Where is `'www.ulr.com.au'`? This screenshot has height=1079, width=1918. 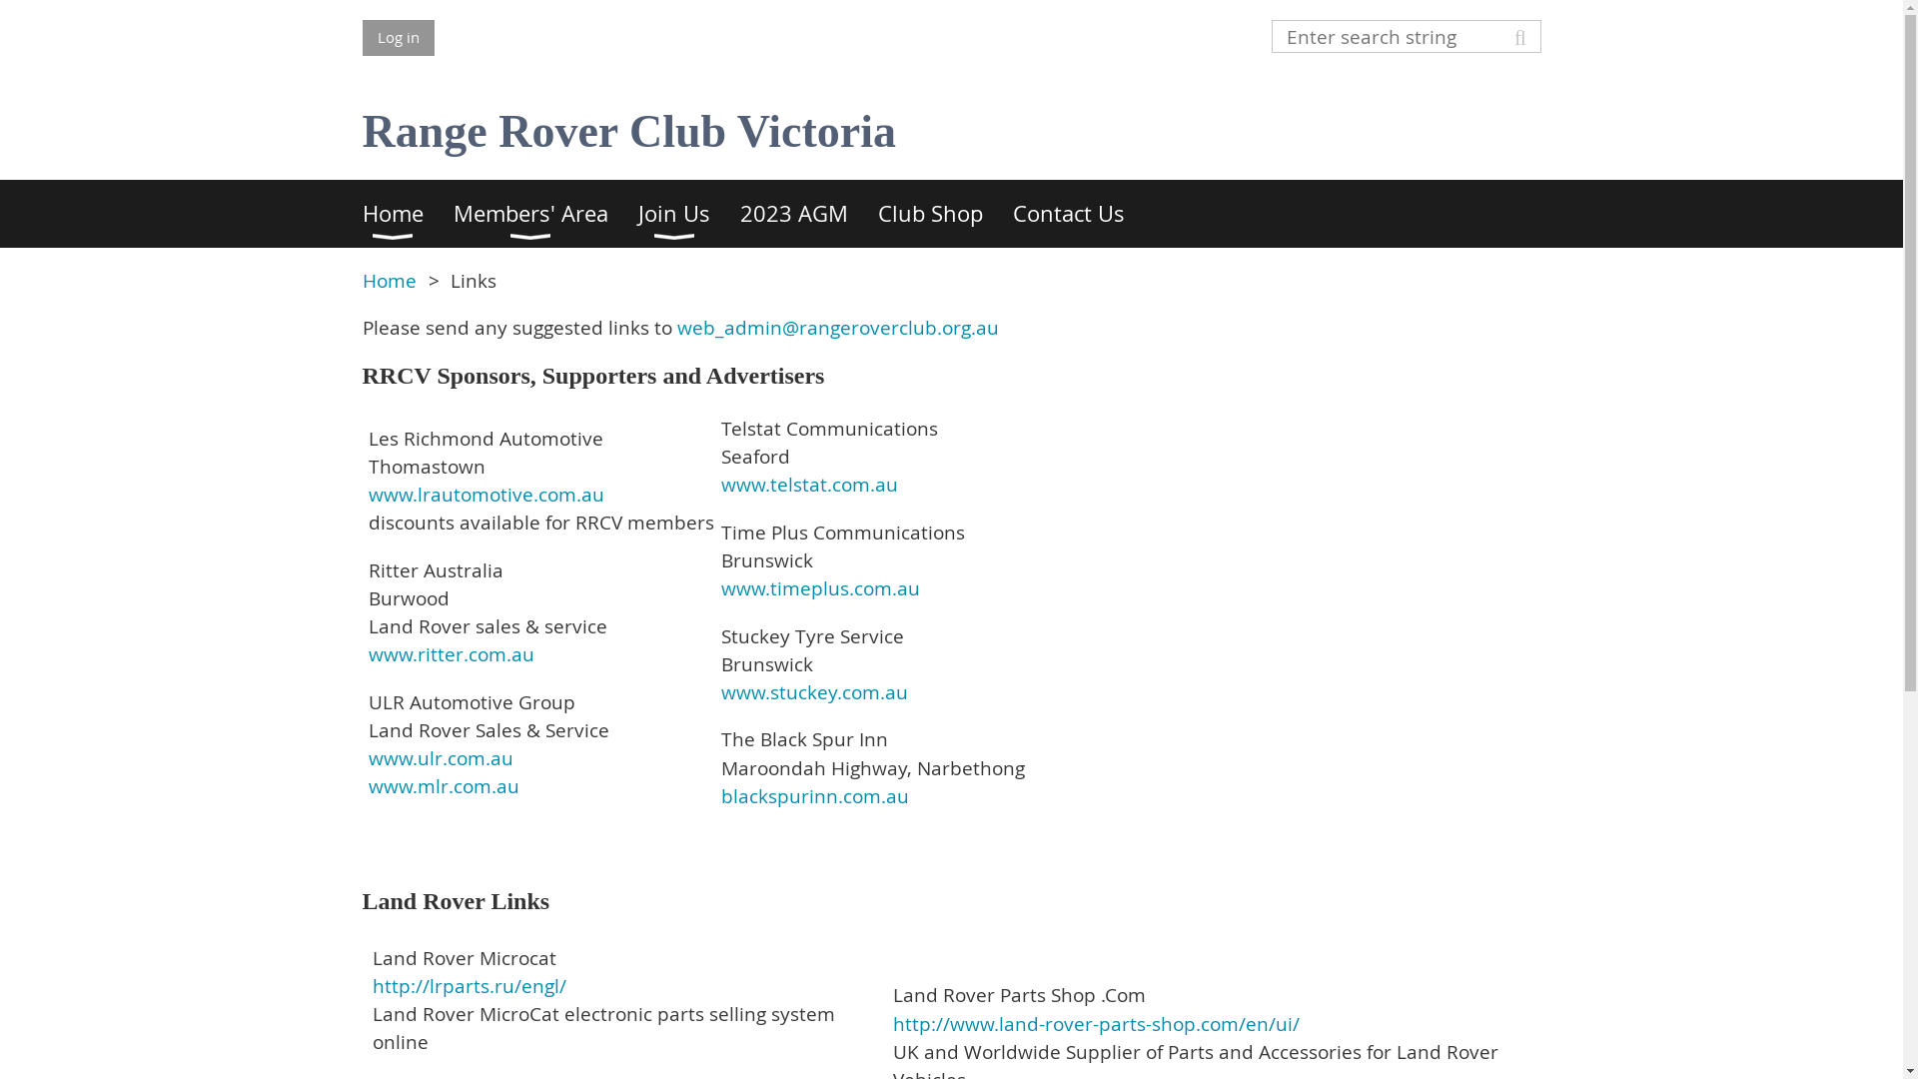 'www.ulr.com.au' is located at coordinates (439, 758).